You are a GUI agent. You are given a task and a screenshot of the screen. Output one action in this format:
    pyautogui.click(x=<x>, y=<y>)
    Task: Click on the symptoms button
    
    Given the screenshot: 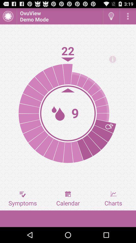 What is the action you would take?
    pyautogui.click(x=22, y=199)
    